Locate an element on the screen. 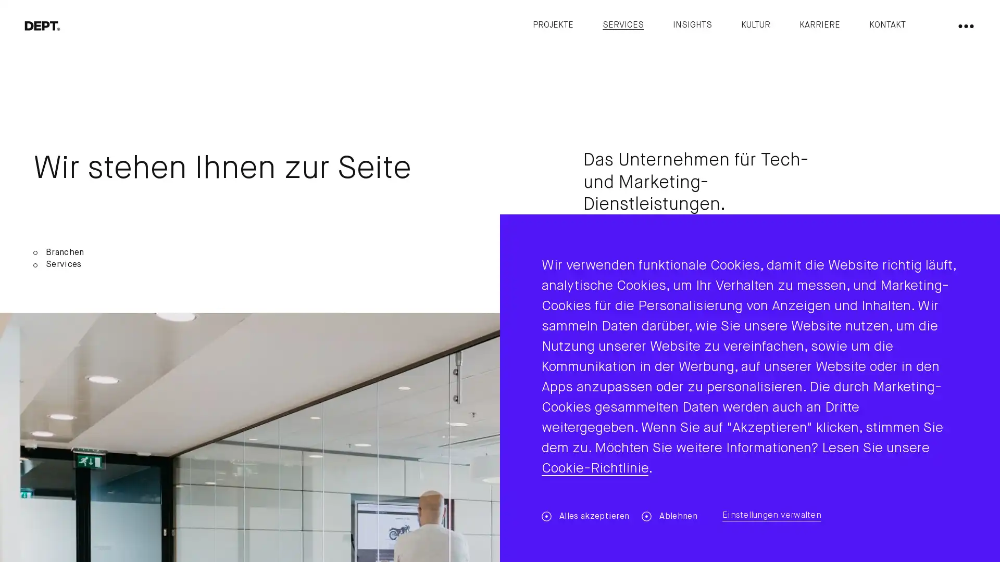 This screenshot has height=562, width=1000. Ablehnen is located at coordinates (669, 516).